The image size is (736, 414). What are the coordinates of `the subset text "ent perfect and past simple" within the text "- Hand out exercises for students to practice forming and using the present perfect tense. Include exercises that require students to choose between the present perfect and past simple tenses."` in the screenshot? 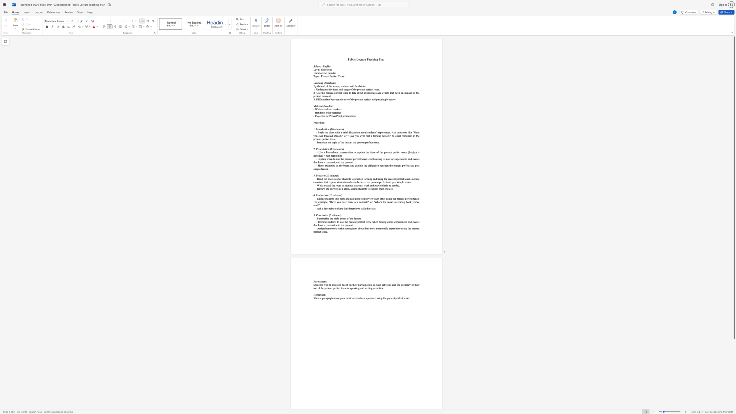 It's located at (375, 182).